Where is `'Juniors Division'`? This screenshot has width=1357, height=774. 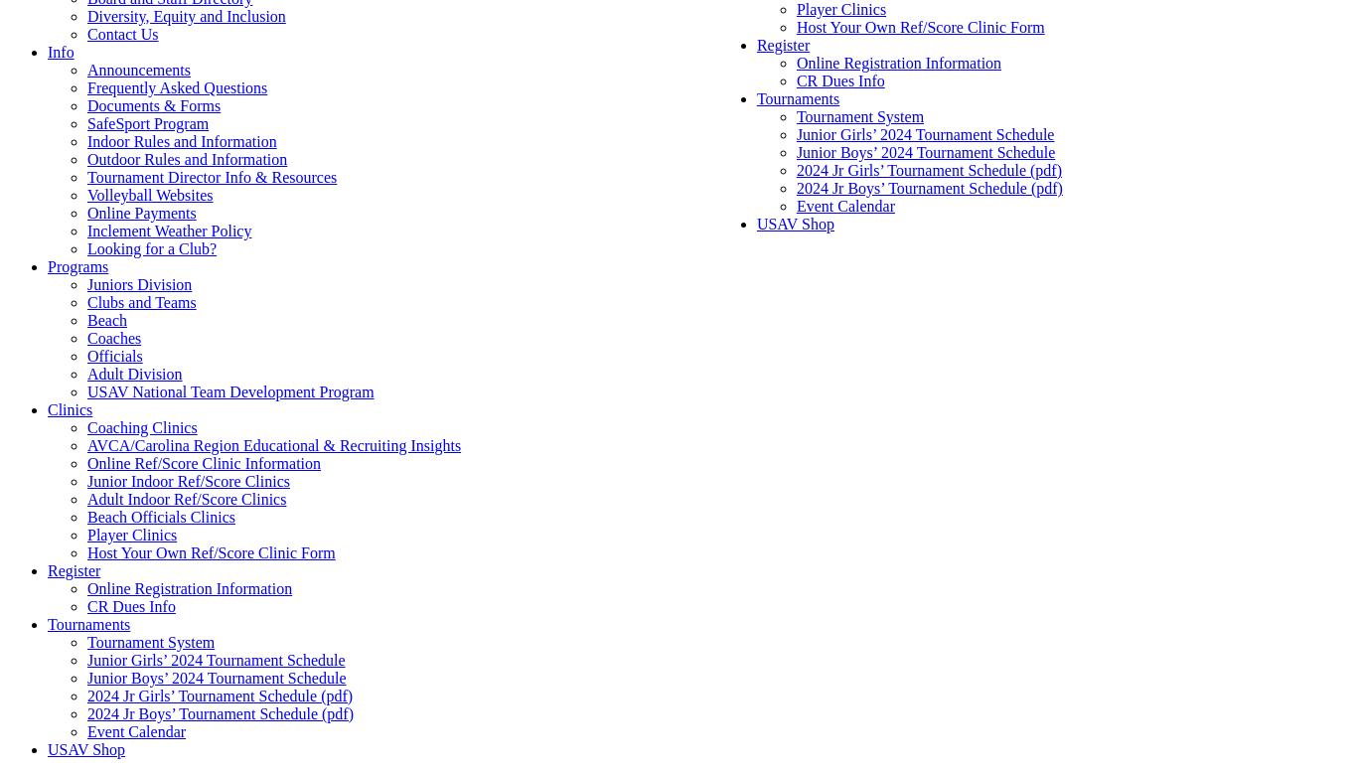
'Juniors Division' is located at coordinates (86, 282).